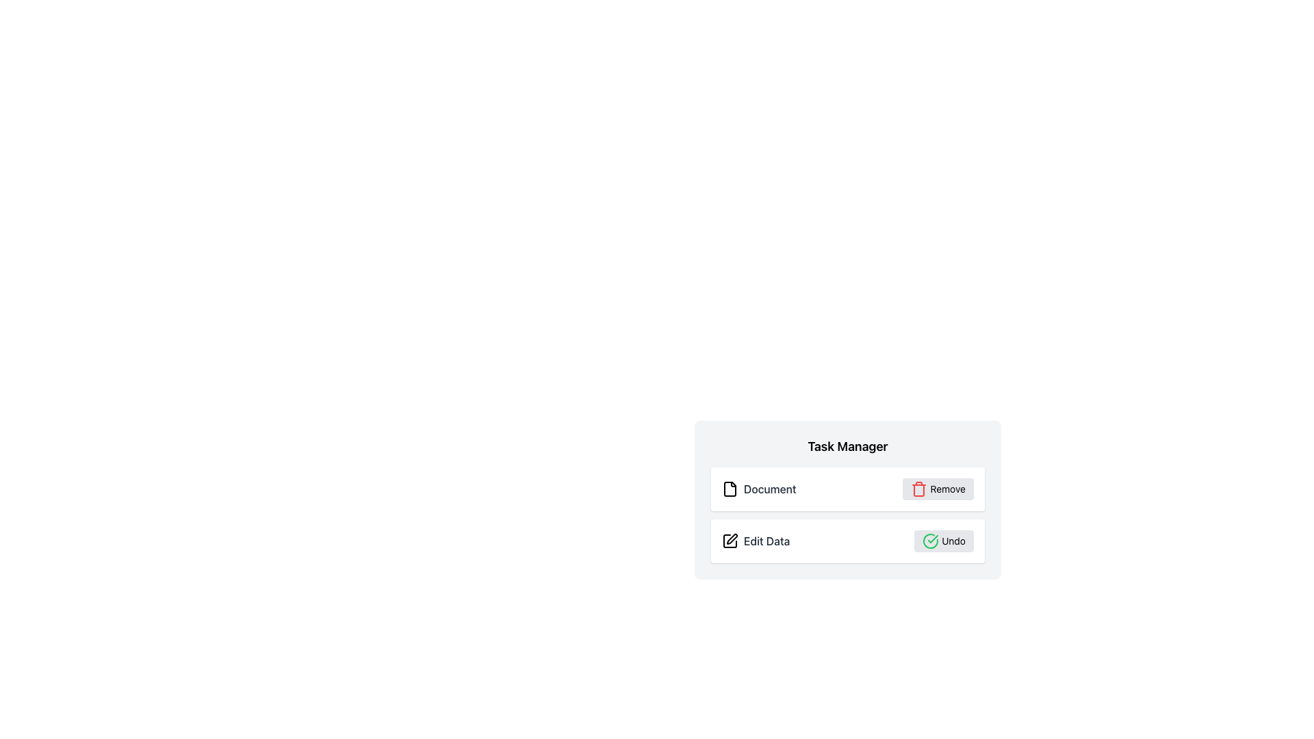 The width and height of the screenshot is (1314, 739). Describe the element at coordinates (729, 540) in the screenshot. I see `the edit action icon located to the left of the 'Edit Data' label in the lower row of the 'Task Manager' section` at that location.